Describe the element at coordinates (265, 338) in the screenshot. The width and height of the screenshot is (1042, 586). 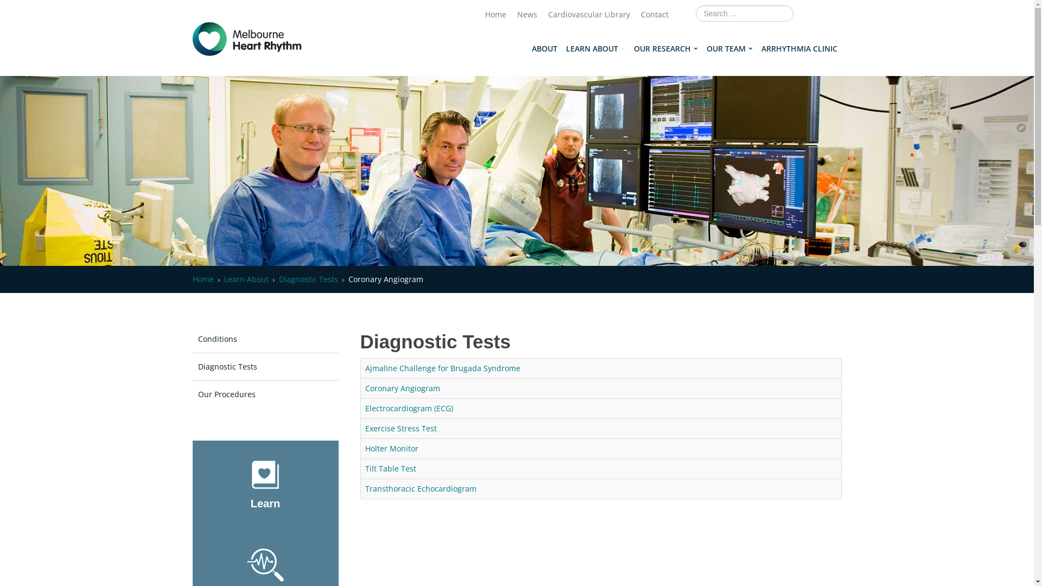
I see `'Conditions'` at that location.